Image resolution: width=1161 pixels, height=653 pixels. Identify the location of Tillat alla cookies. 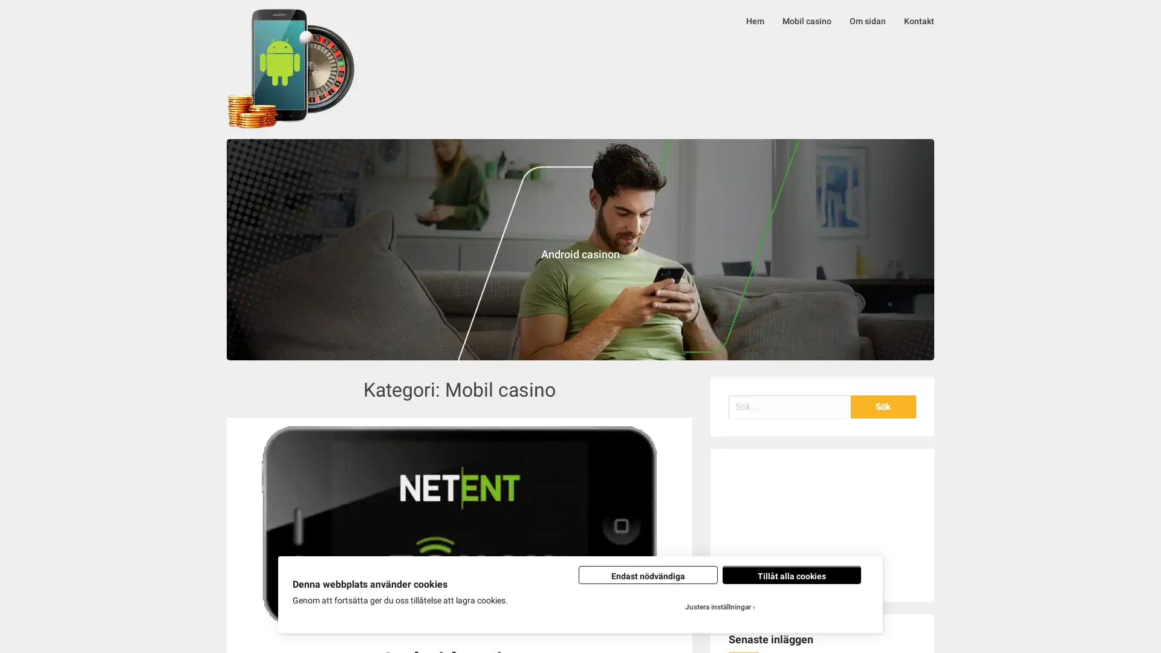
(792, 574).